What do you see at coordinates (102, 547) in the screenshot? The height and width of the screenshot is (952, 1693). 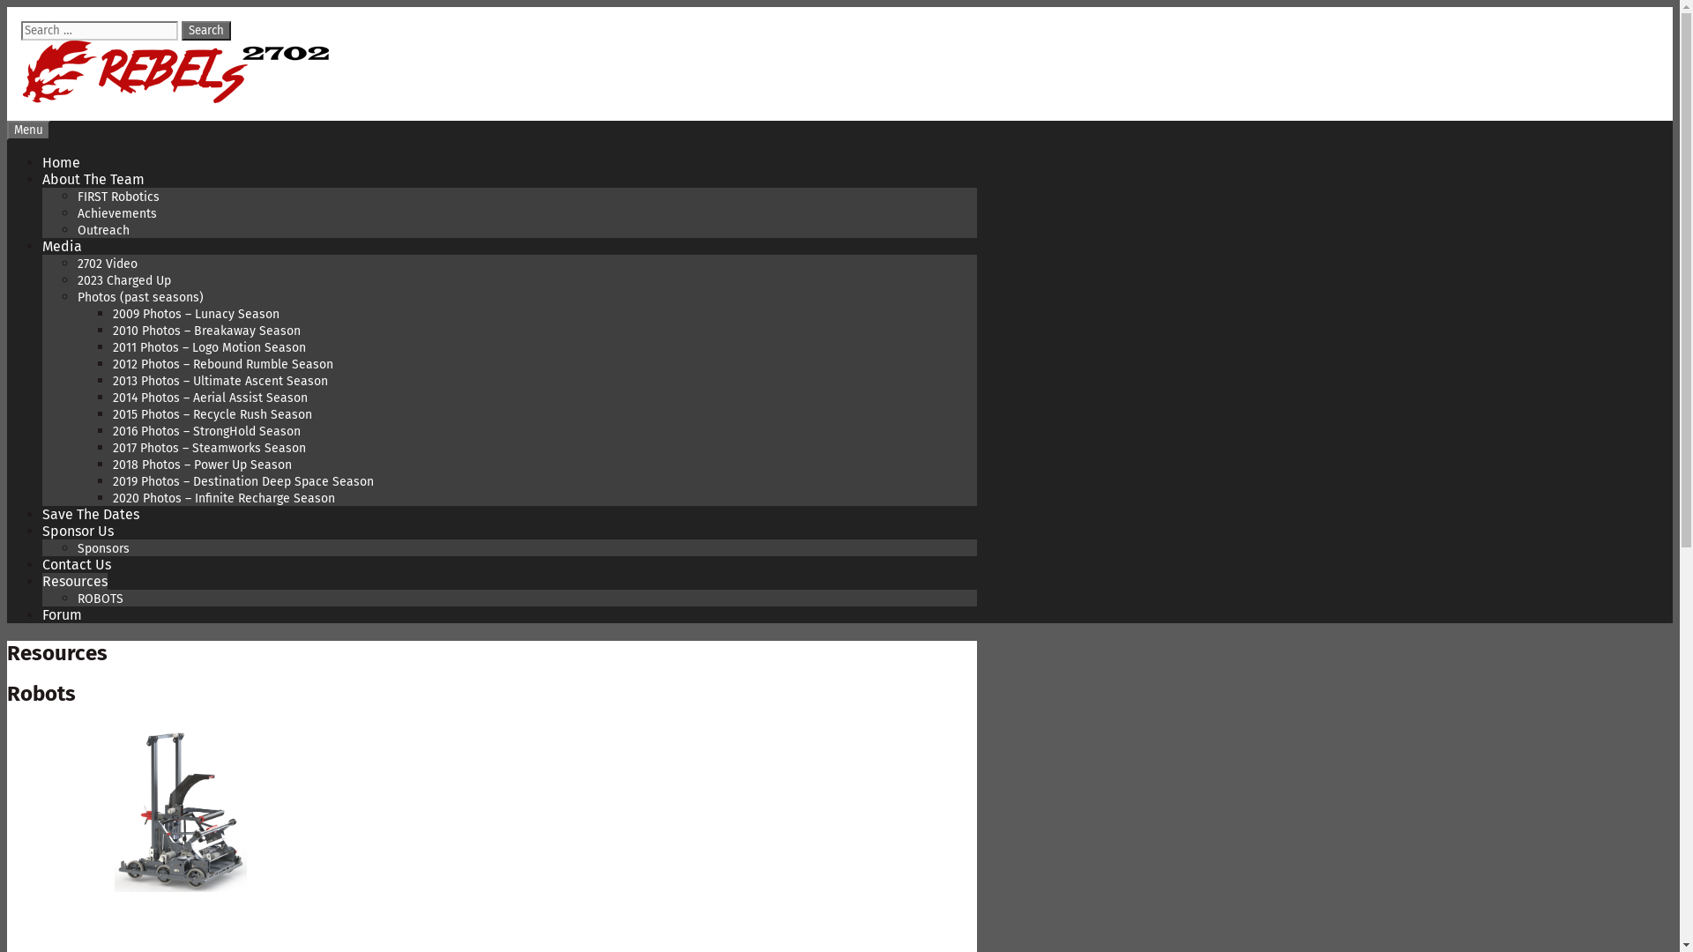 I see `'Sponsors'` at bounding box center [102, 547].